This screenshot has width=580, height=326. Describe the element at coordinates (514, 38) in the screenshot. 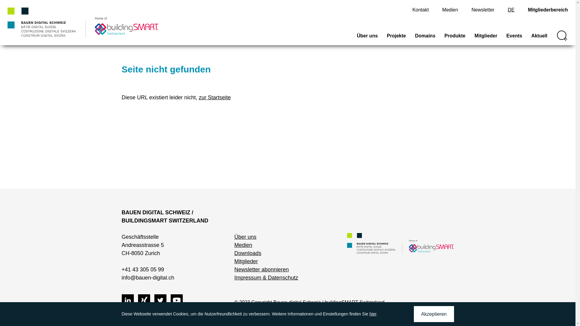

I see `'Events'` at that location.